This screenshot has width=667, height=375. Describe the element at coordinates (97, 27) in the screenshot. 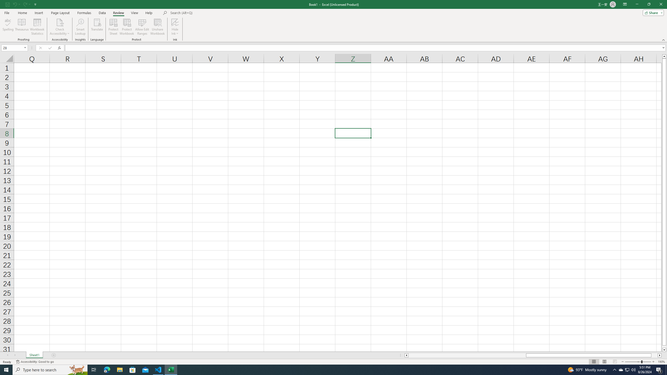

I see `'Translate'` at that location.